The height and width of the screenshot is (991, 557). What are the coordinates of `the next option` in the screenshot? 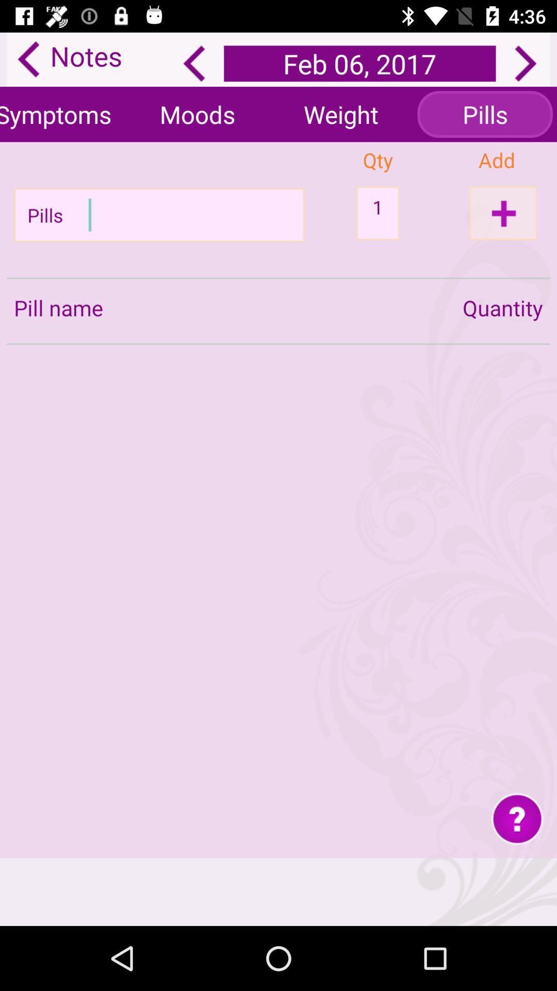 It's located at (526, 63).